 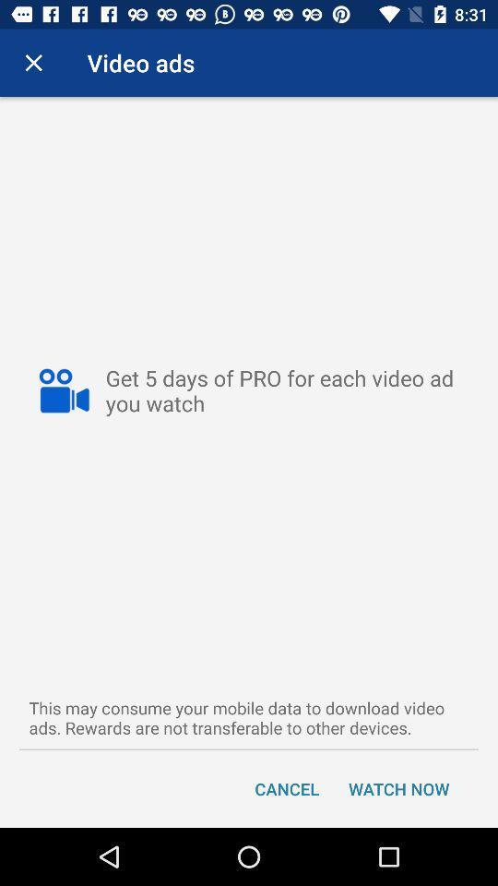 I want to click on icon to the left of video ads icon, so click(x=33, y=63).